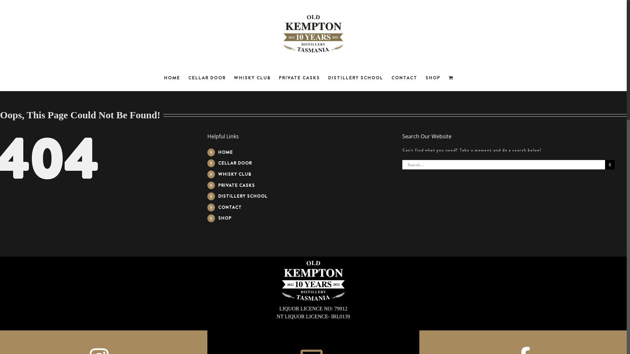 The image size is (630, 354). Describe the element at coordinates (355, 77) in the screenshot. I see `'DISTILLERY SCHOOL'` at that location.